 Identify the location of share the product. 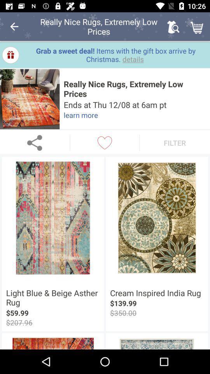
(34, 142).